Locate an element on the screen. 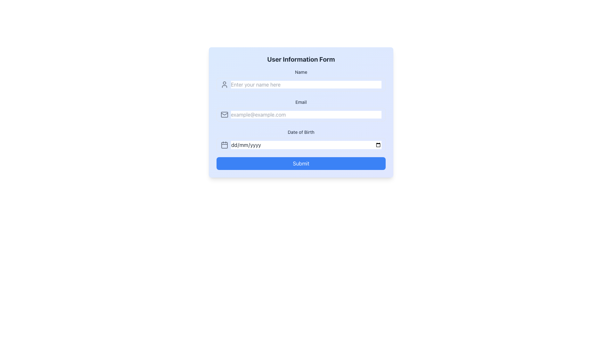  the descriptive label for the date of birth input field, which is located directly above the date input and below the 'Email' field in the form layout is located at coordinates (301, 132).